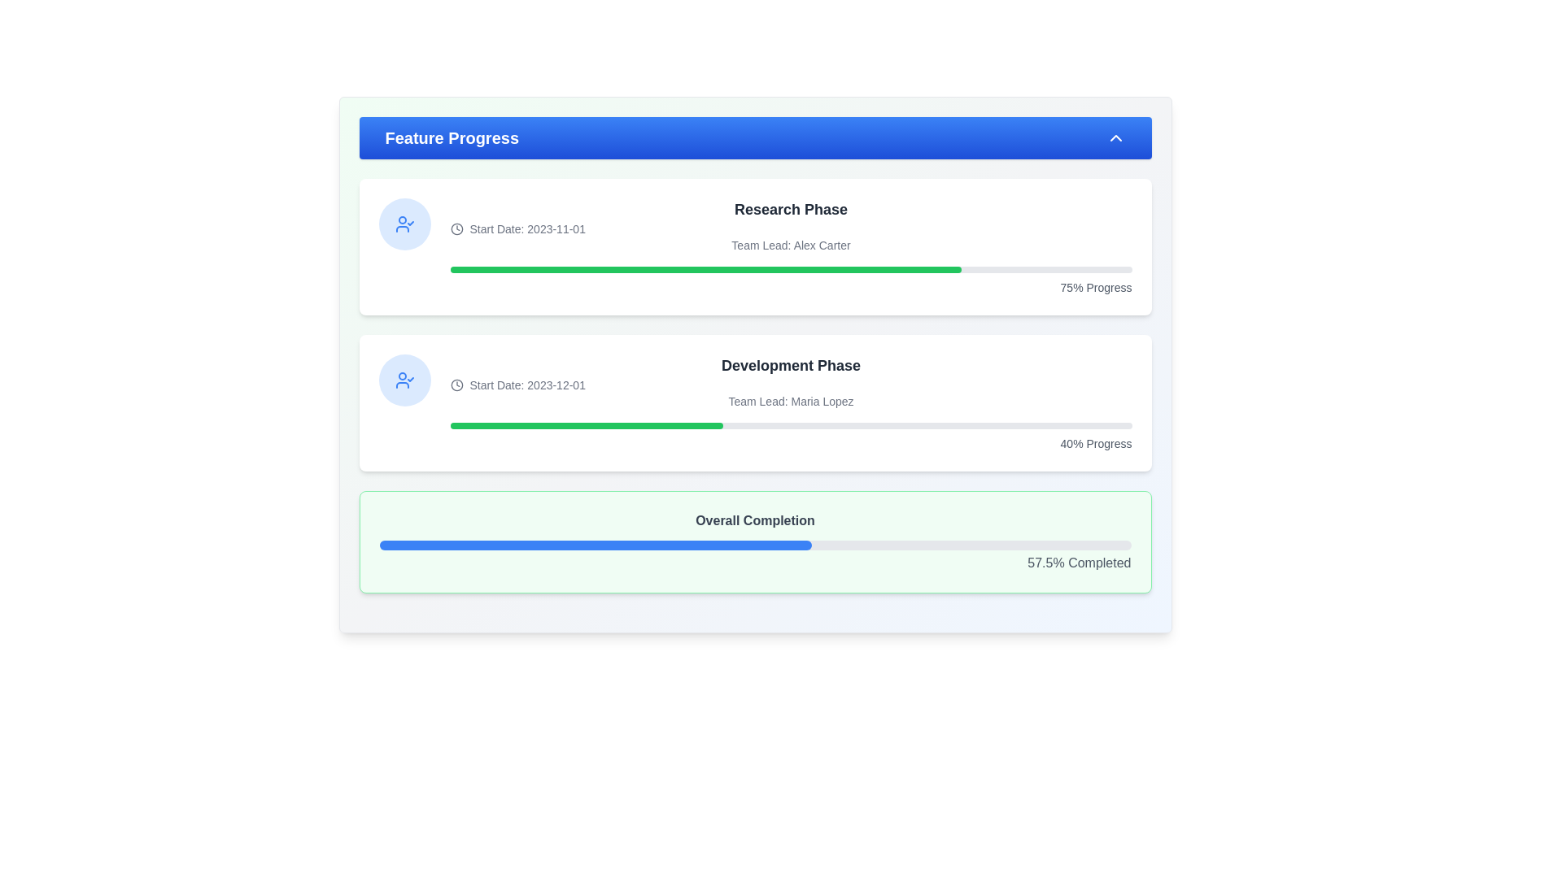 This screenshot has width=1562, height=878. What do you see at coordinates (791, 209) in the screenshot?
I see `the Text Label at the top of the progress card that indicates the phase name associated with the data below it` at bounding box center [791, 209].